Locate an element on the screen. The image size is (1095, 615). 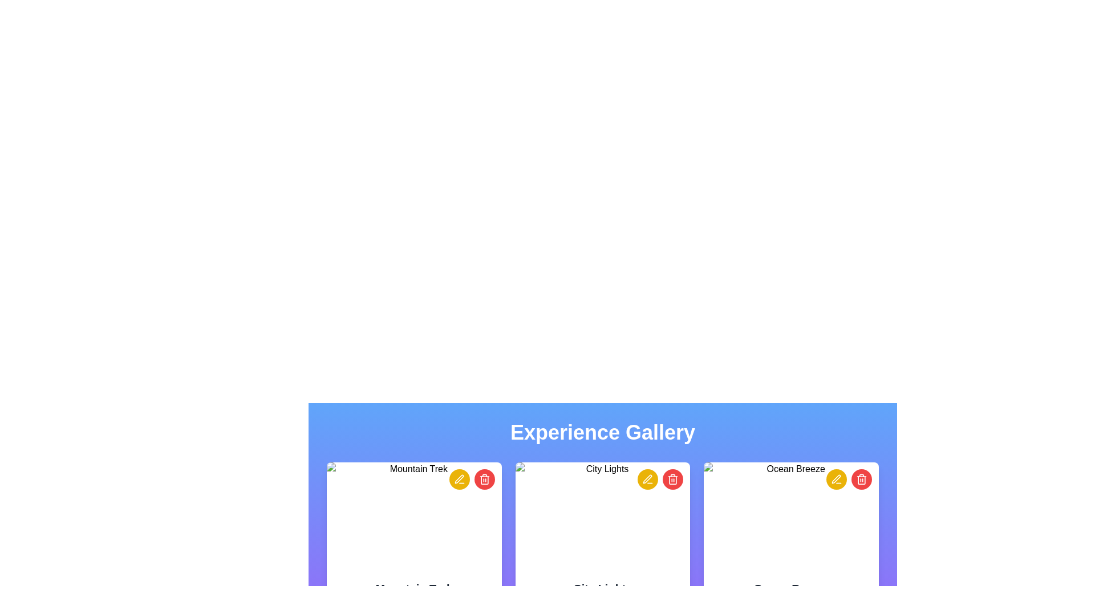
the yellow edit button with a pen icon in the control group of the 'Ocean Breeze' card to modify the card is located at coordinates (849, 479).